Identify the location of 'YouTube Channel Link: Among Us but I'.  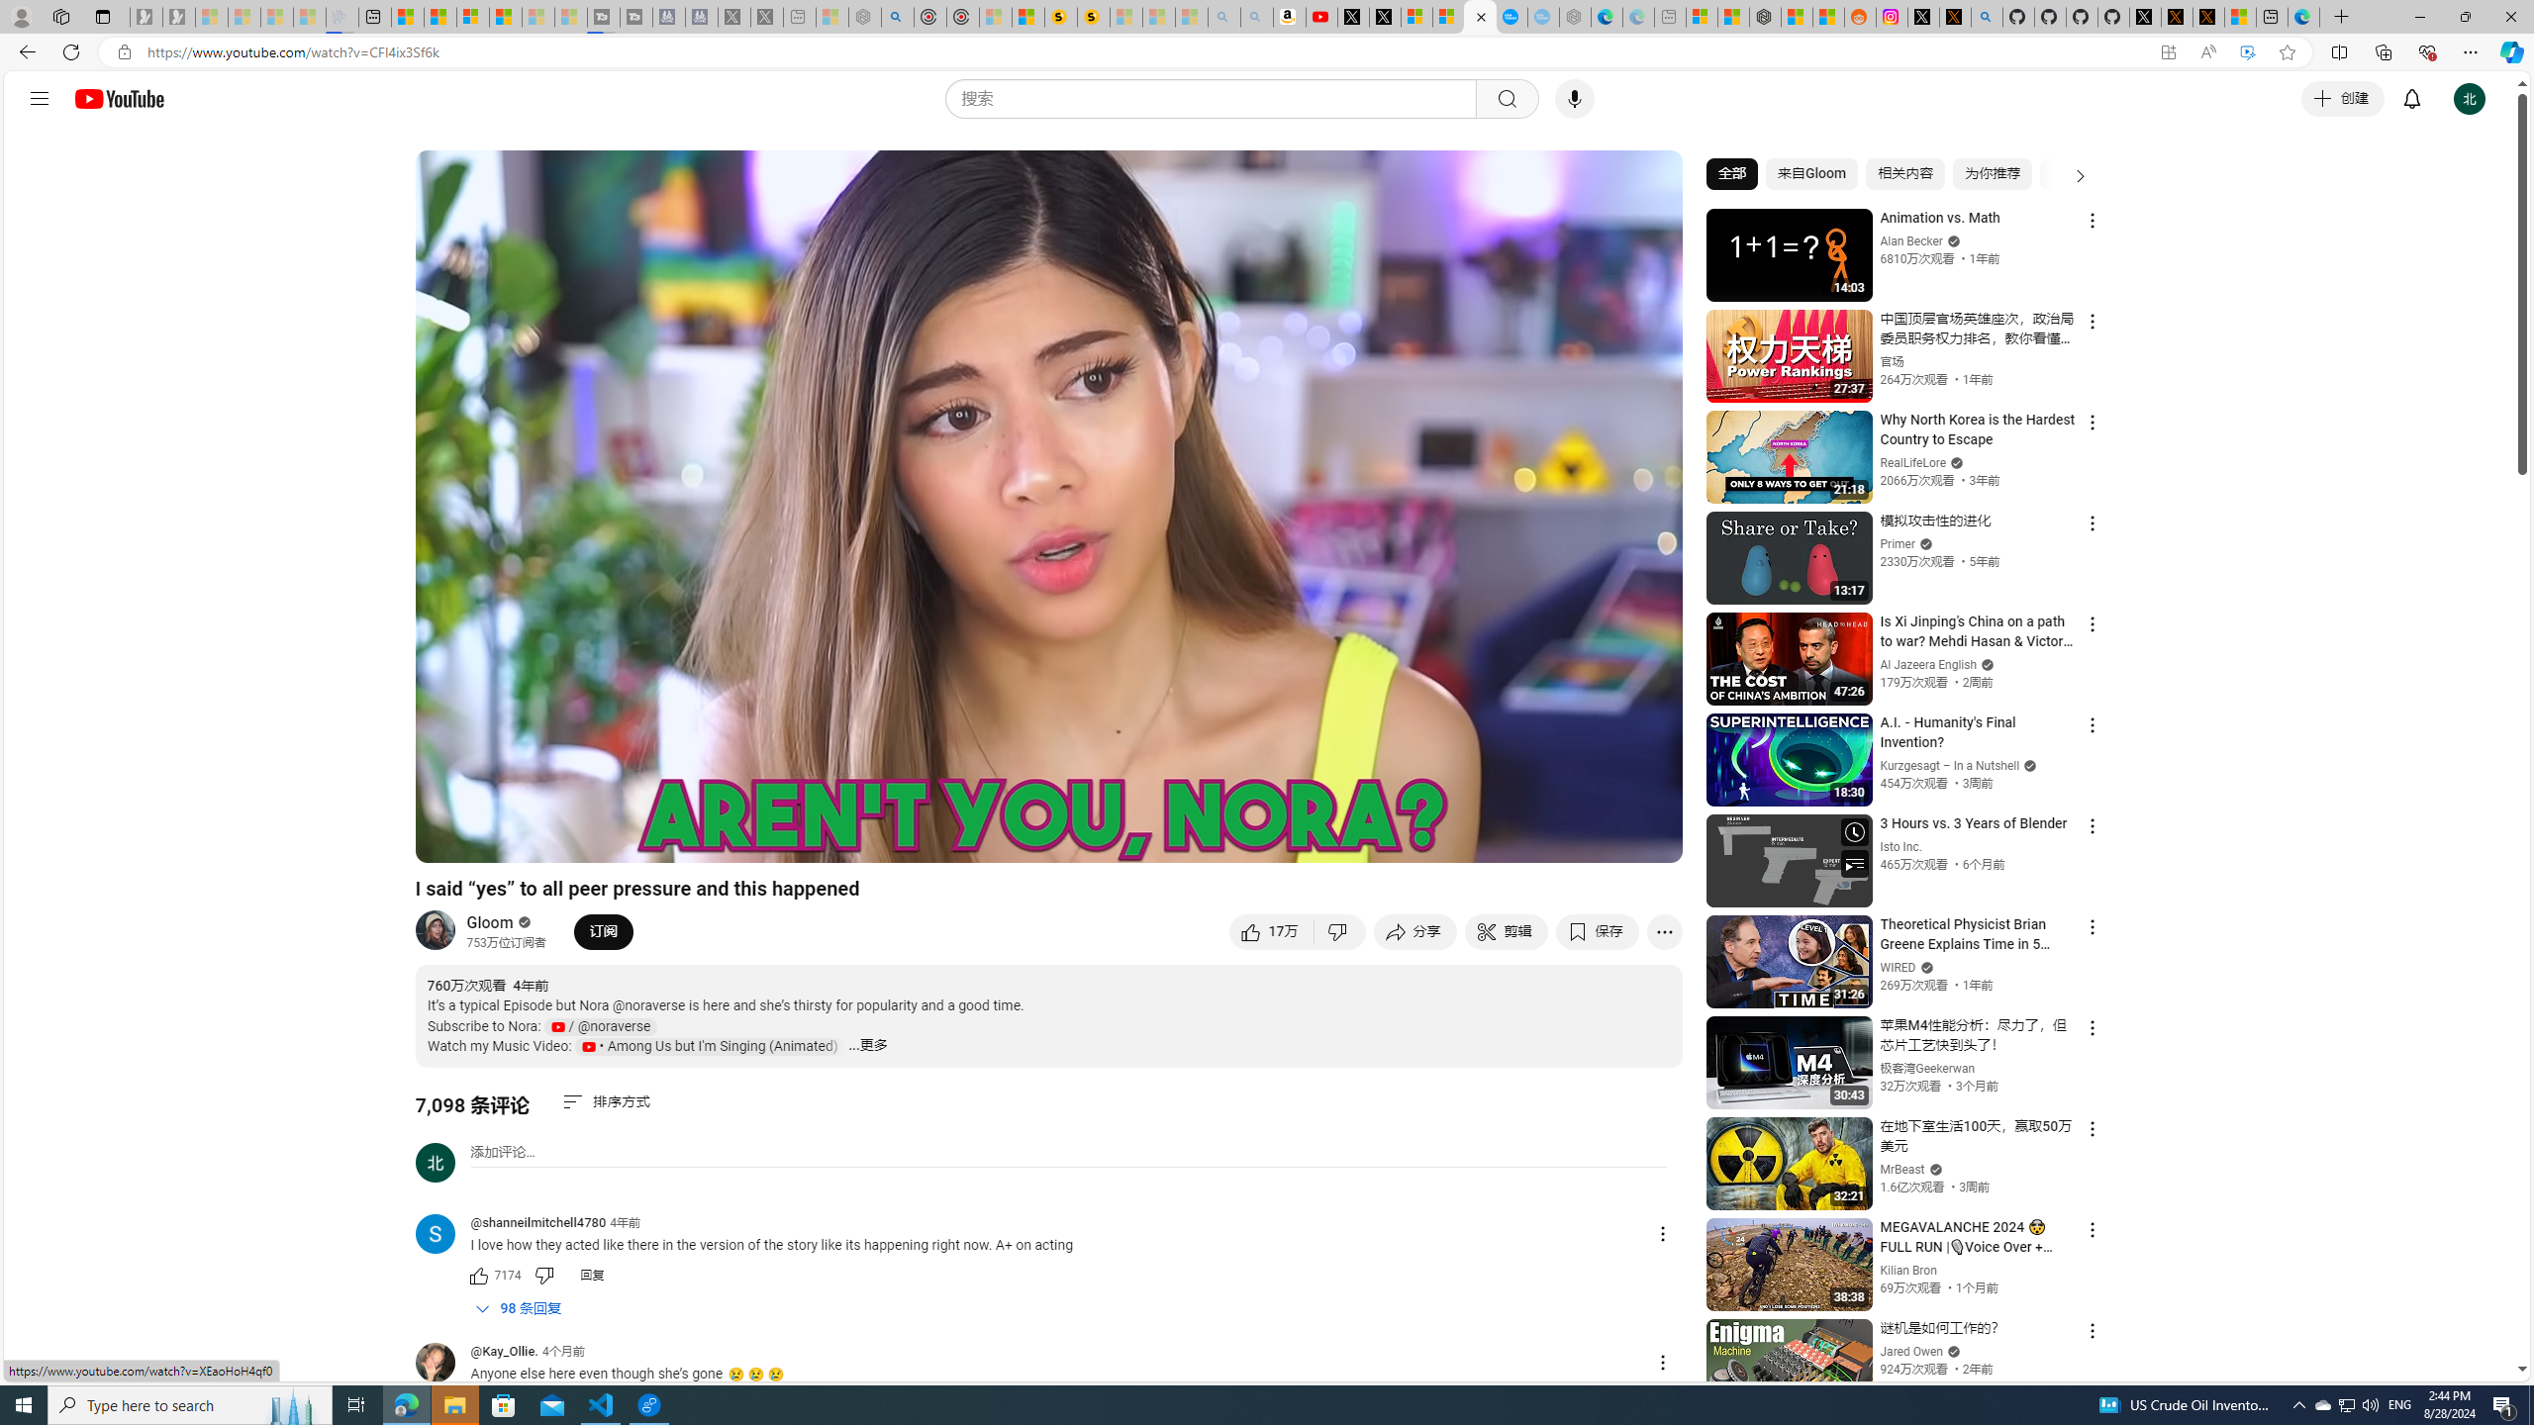
(710, 1046).